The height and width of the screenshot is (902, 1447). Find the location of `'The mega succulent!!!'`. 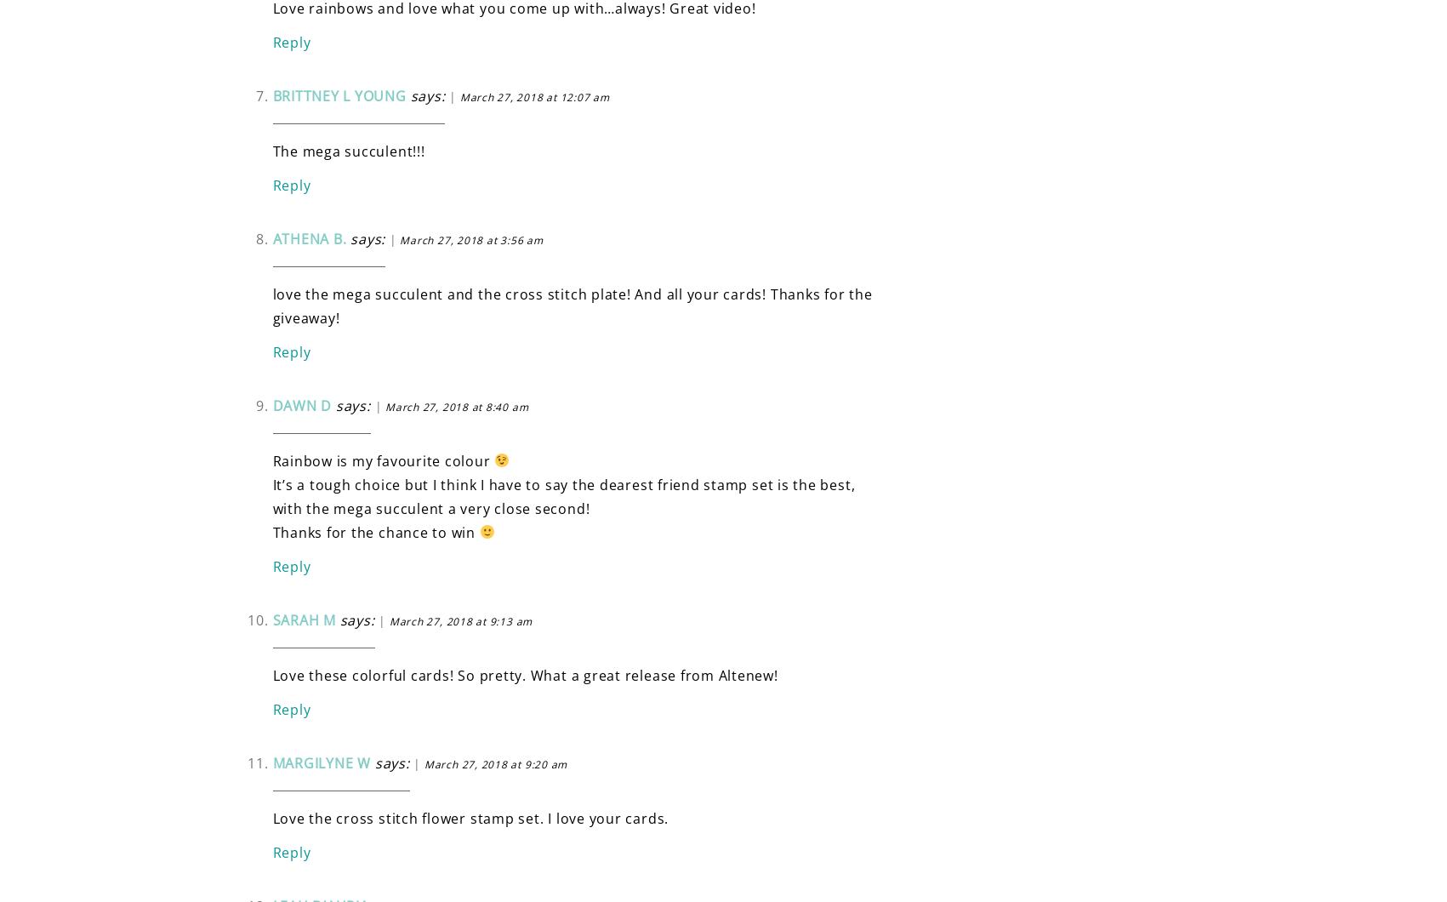

'The mega succulent!!!' is located at coordinates (271, 150).